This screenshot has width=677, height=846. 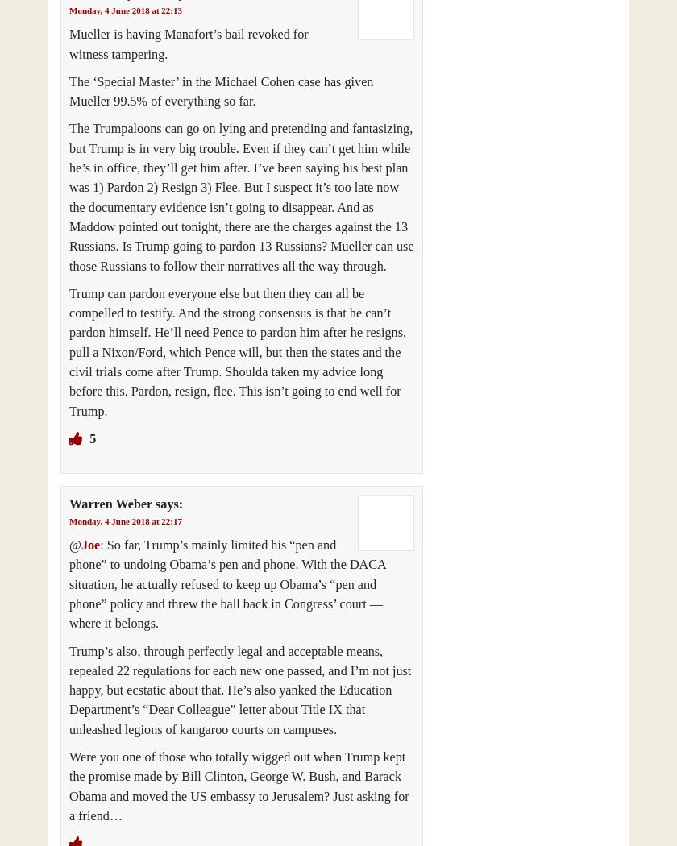 What do you see at coordinates (238, 351) in the screenshot?
I see `'Trump can pardon everyone else but then they can all be compelled to testify. And the strong consensus is that he can’t pardon himself.  He’ll need Pence to pardon him after he resigns, pull a Nixon/Ford, which Pence will, but then the states and the civil trials come after Trump.   Shoulda taken my advice long before this. Pardon, resign, flee.  This isn’t going to end well for Trump.'` at bounding box center [238, 351].